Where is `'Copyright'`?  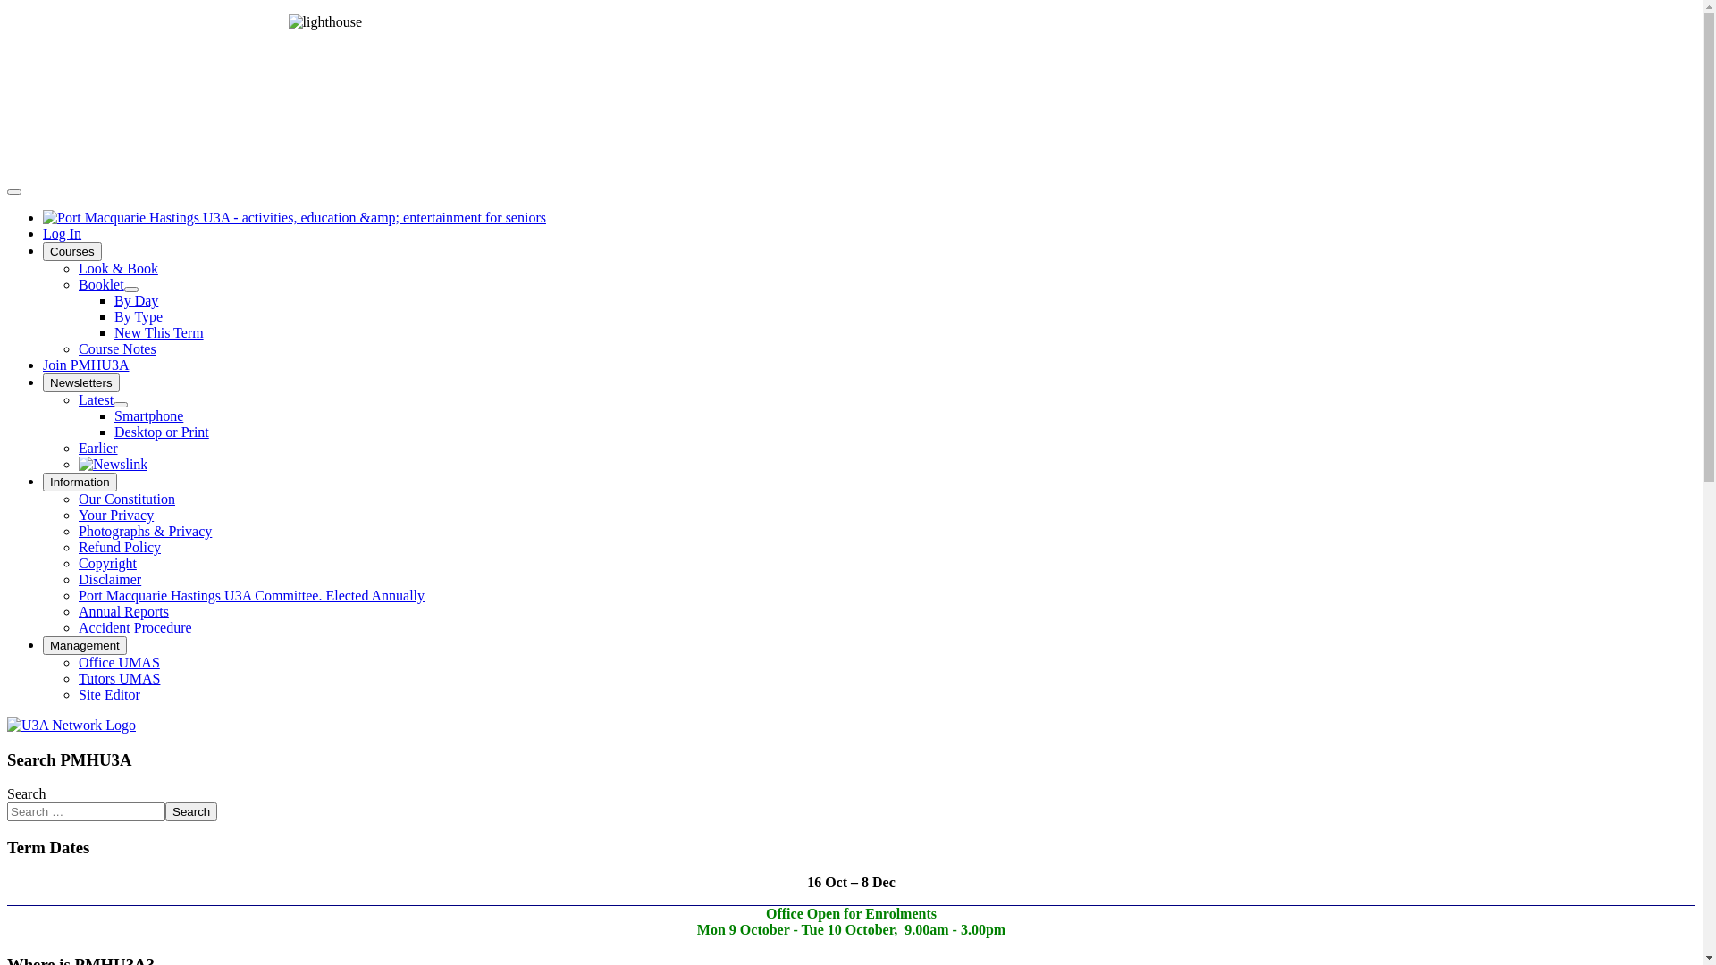 'Copyright' is located at coordinates (106, 563).